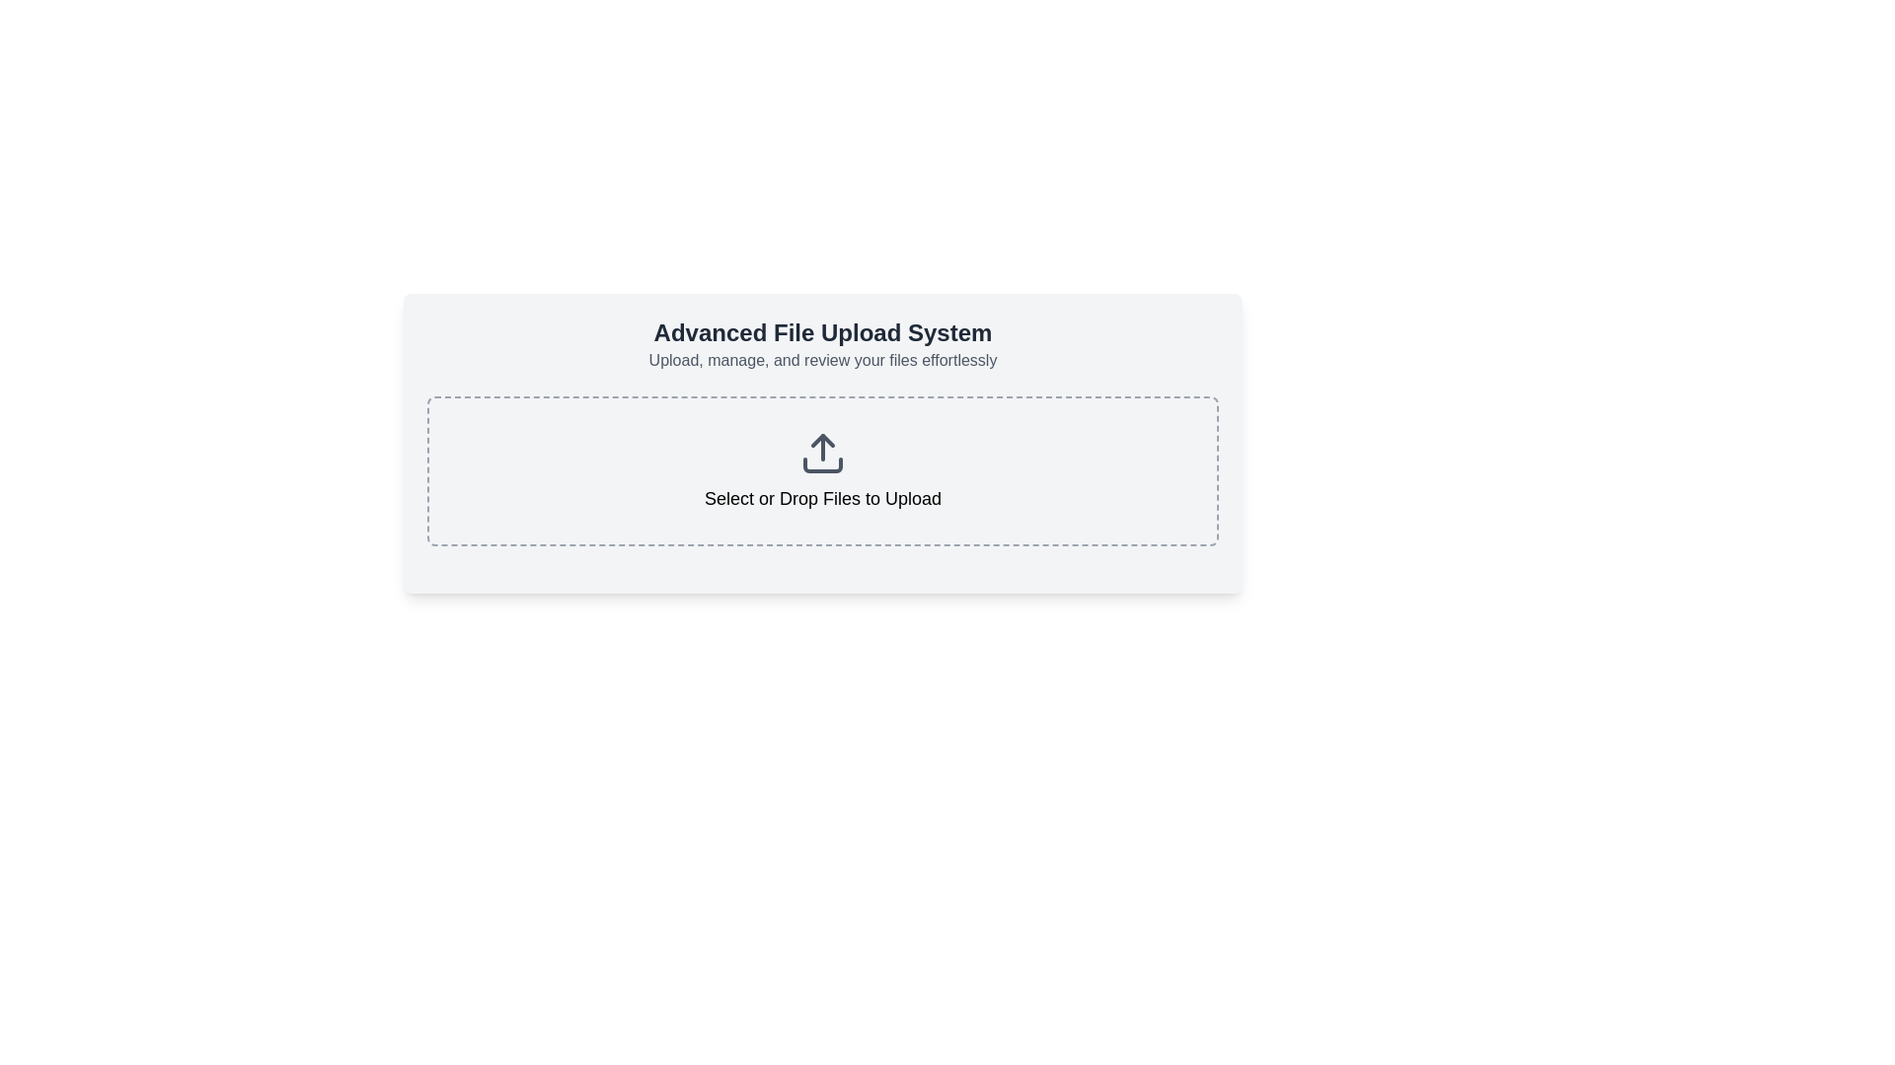 This screenshot has width=1895, height=1065. I want to click on the static text field located below the 'Advanced File Upload System' text, which provides additional information about the interface, so click(823, 361).